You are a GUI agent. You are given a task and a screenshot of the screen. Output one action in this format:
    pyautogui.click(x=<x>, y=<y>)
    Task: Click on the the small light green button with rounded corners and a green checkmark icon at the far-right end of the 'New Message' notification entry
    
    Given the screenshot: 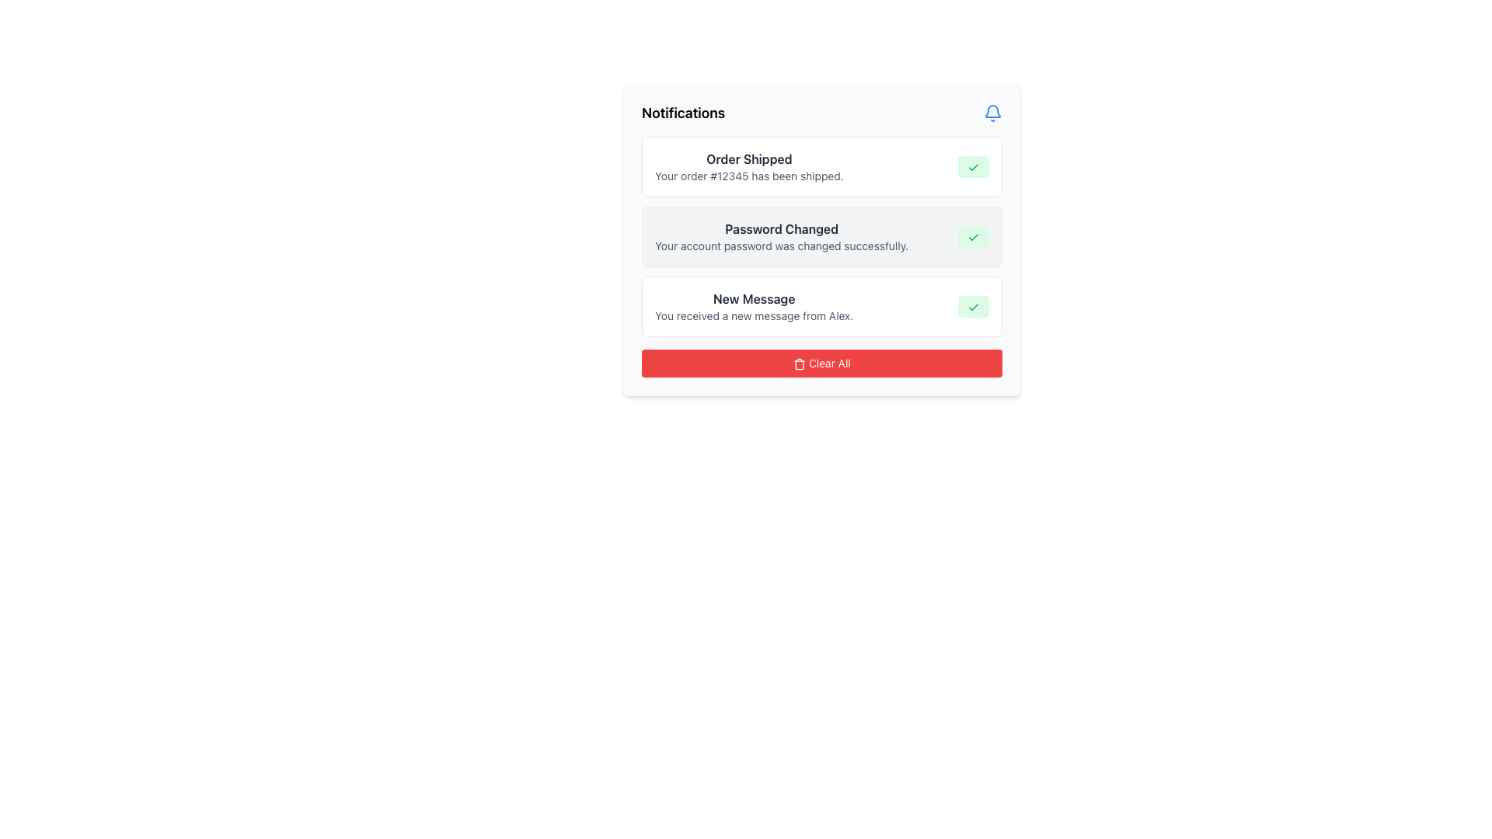 What is the action you would take?
    pyautogui.click(x=972, y=306)
    